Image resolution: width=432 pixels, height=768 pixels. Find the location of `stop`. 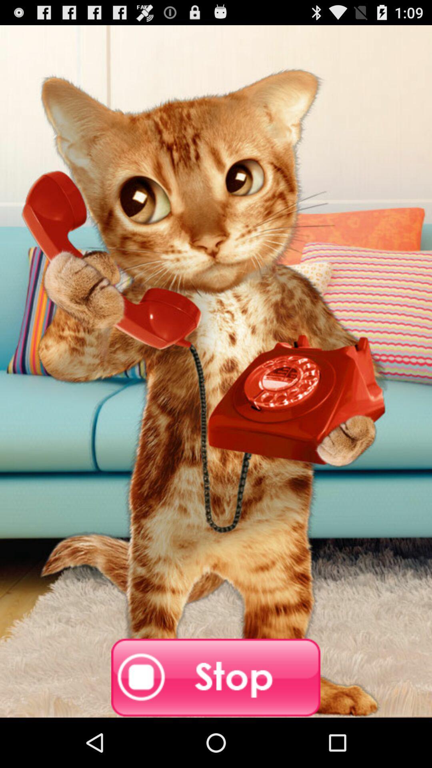

stop is located at coordinates (215, 678).